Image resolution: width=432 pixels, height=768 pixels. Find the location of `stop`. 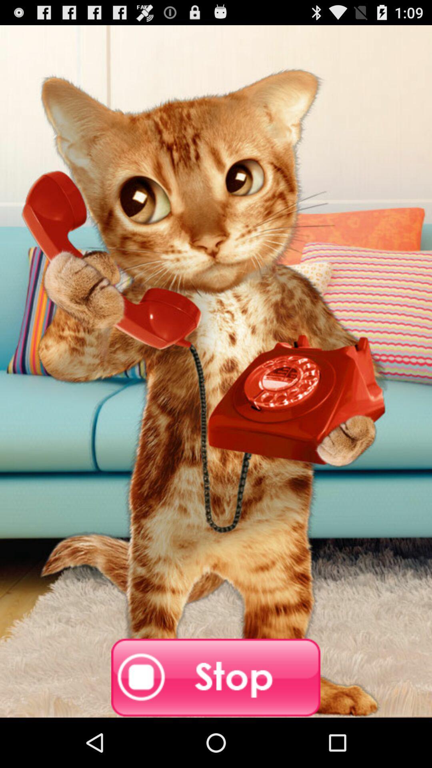

stop is located at coordinates (215, 678).